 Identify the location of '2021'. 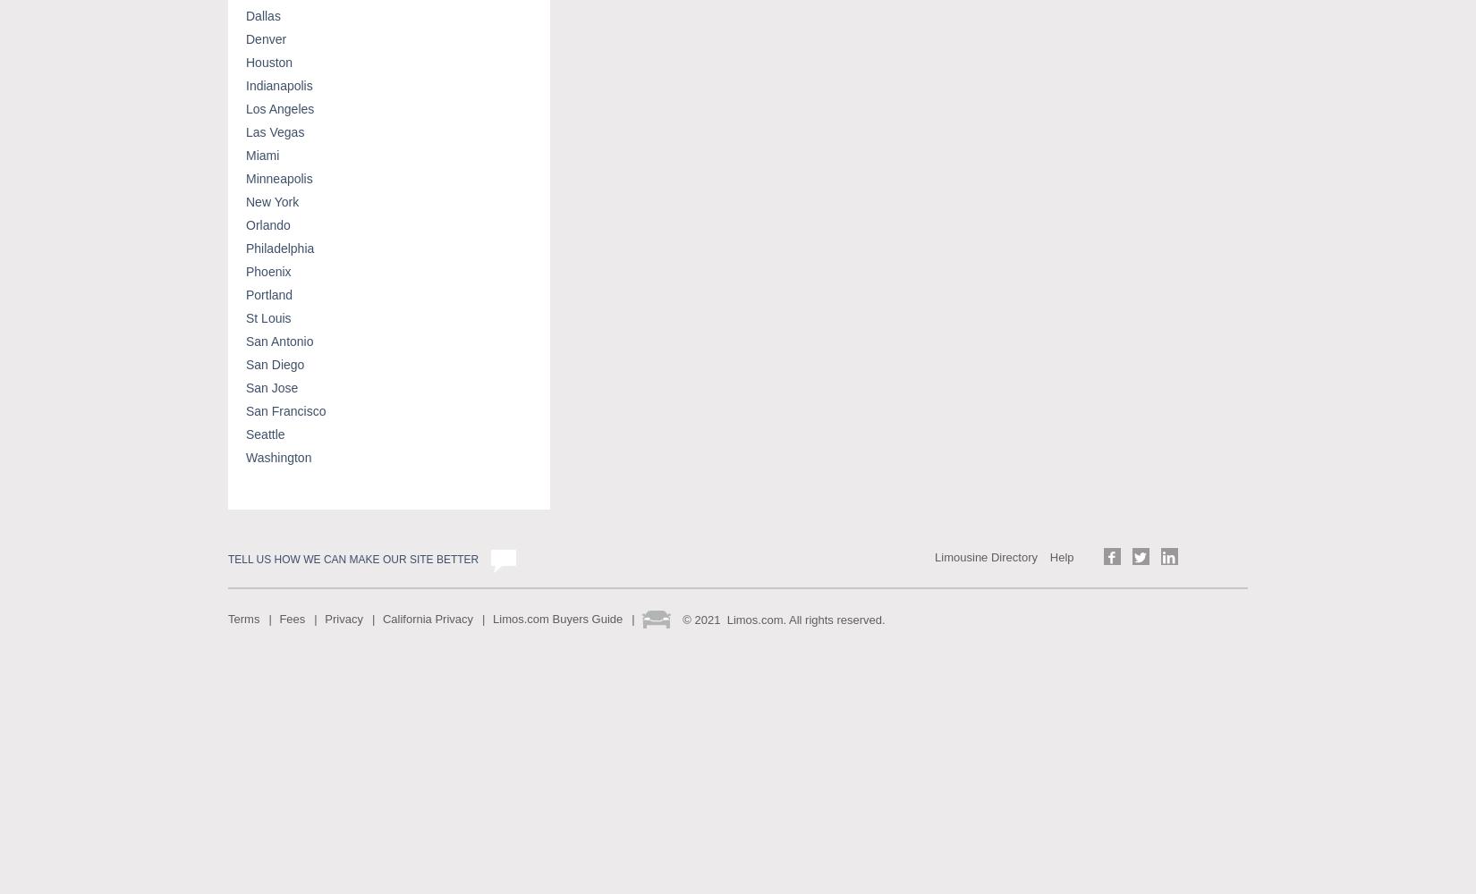
(706, 618).